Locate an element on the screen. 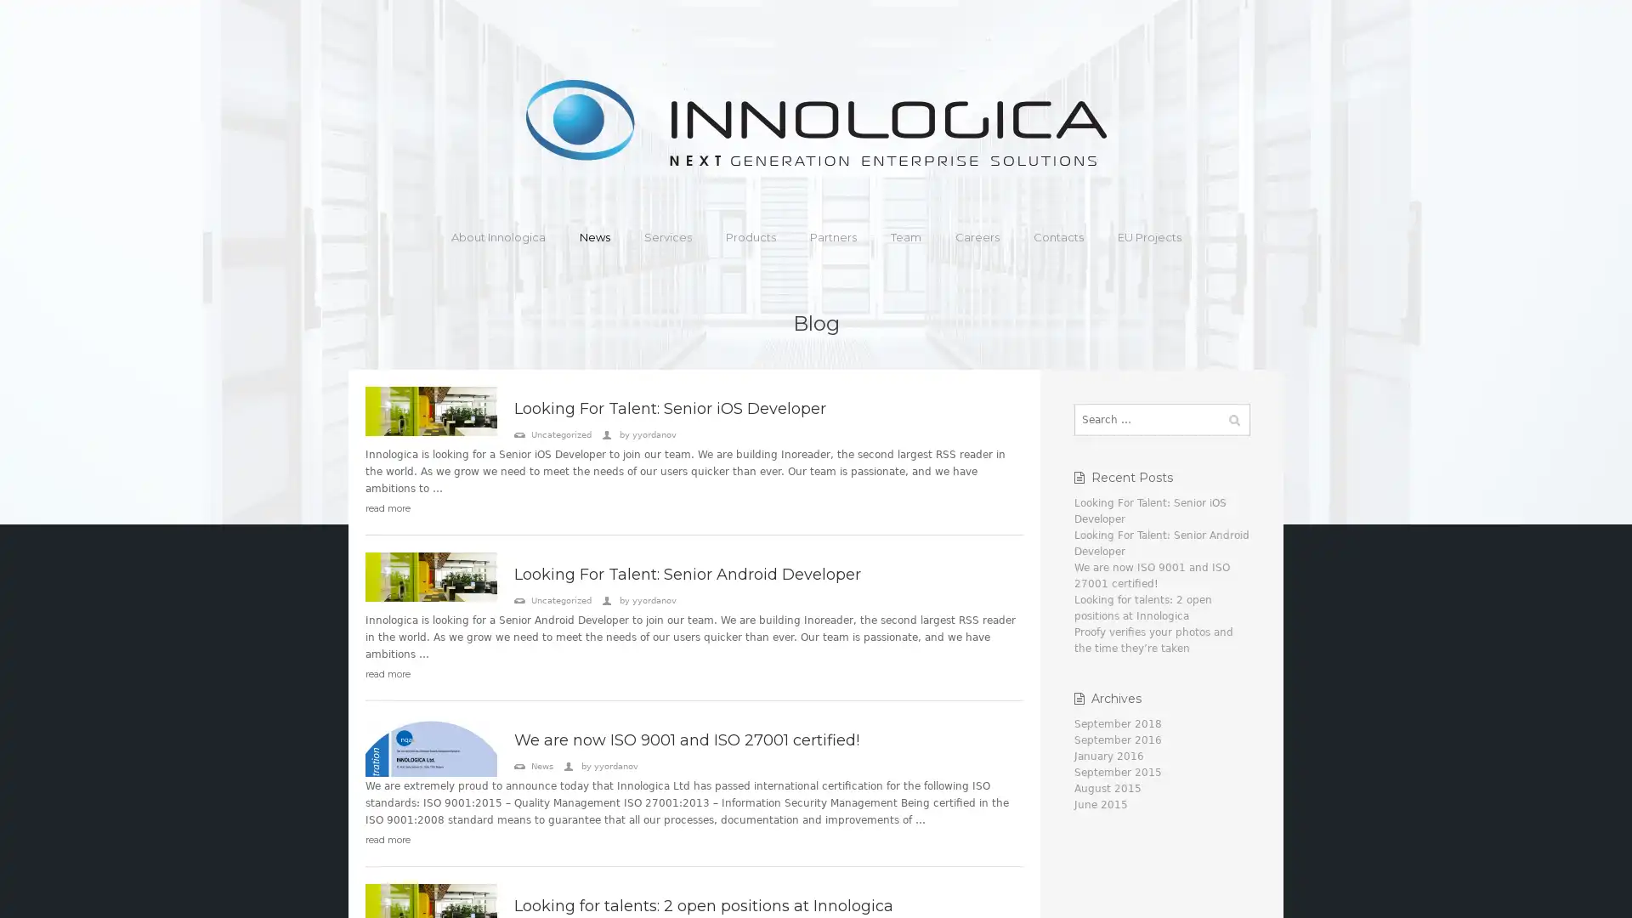  Search is located at coordinates (1232, 419).